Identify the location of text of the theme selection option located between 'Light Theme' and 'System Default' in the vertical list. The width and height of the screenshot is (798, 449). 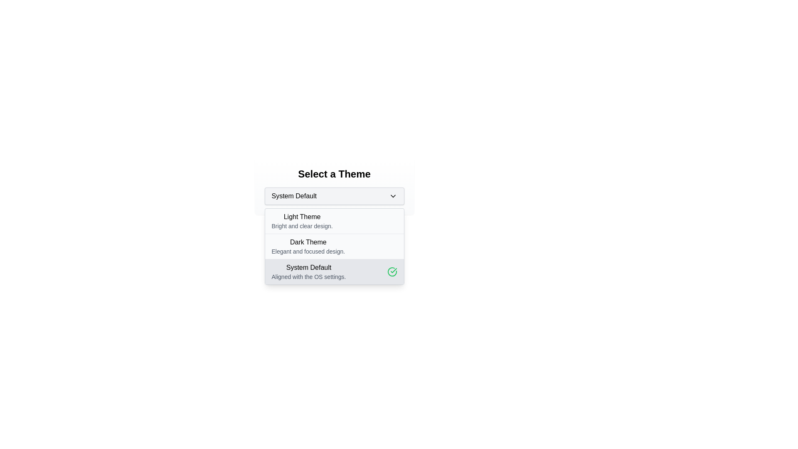
(334, 246).